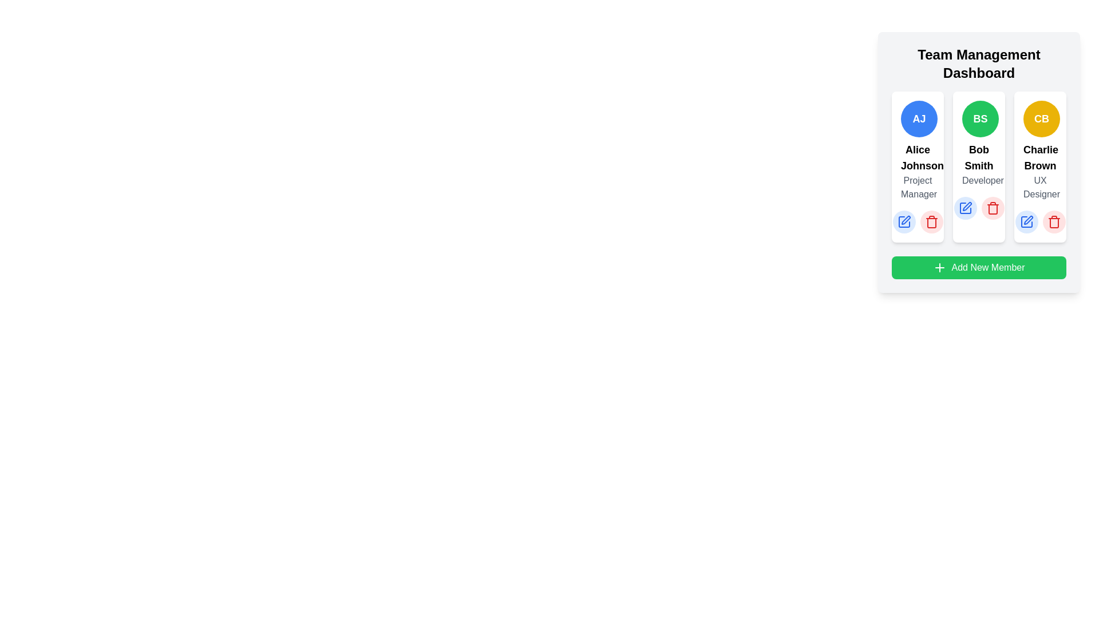  Describe the element at coordinates (905, 220) in the screenshot. I see `the blue outlined pen icon button located in the bottom left corner of the 'Bob Smith' card on the 'Team Management Dashboard' to initiate editing` at that location.